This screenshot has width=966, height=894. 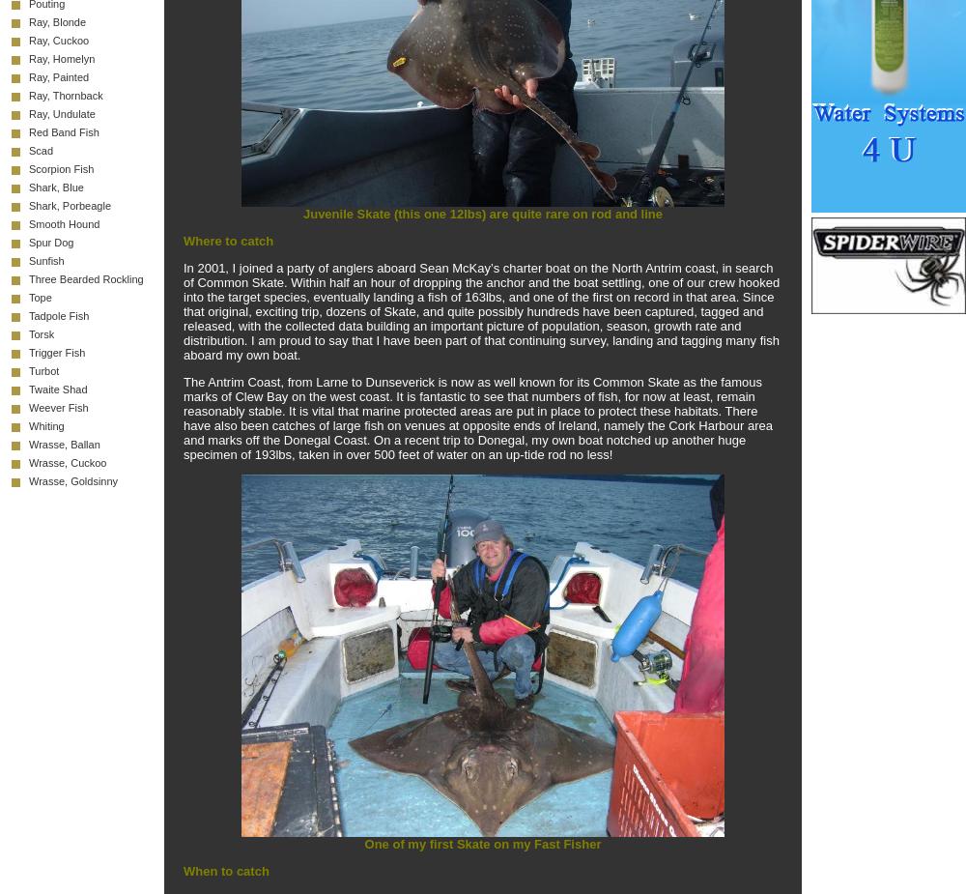 I want to click on 'Scorpion Fish', so click(x=60, y=168).